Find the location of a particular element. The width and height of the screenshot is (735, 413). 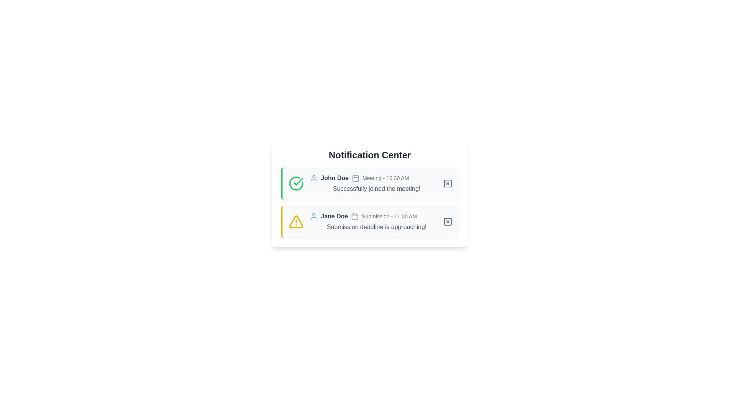

the dismiss button, which is a small gray square icon with an 'X' in the center, located at the top-right corner of the notification card titled 'John Doe Meeting - 10:30 AM' is located at coordinates (448, 183).